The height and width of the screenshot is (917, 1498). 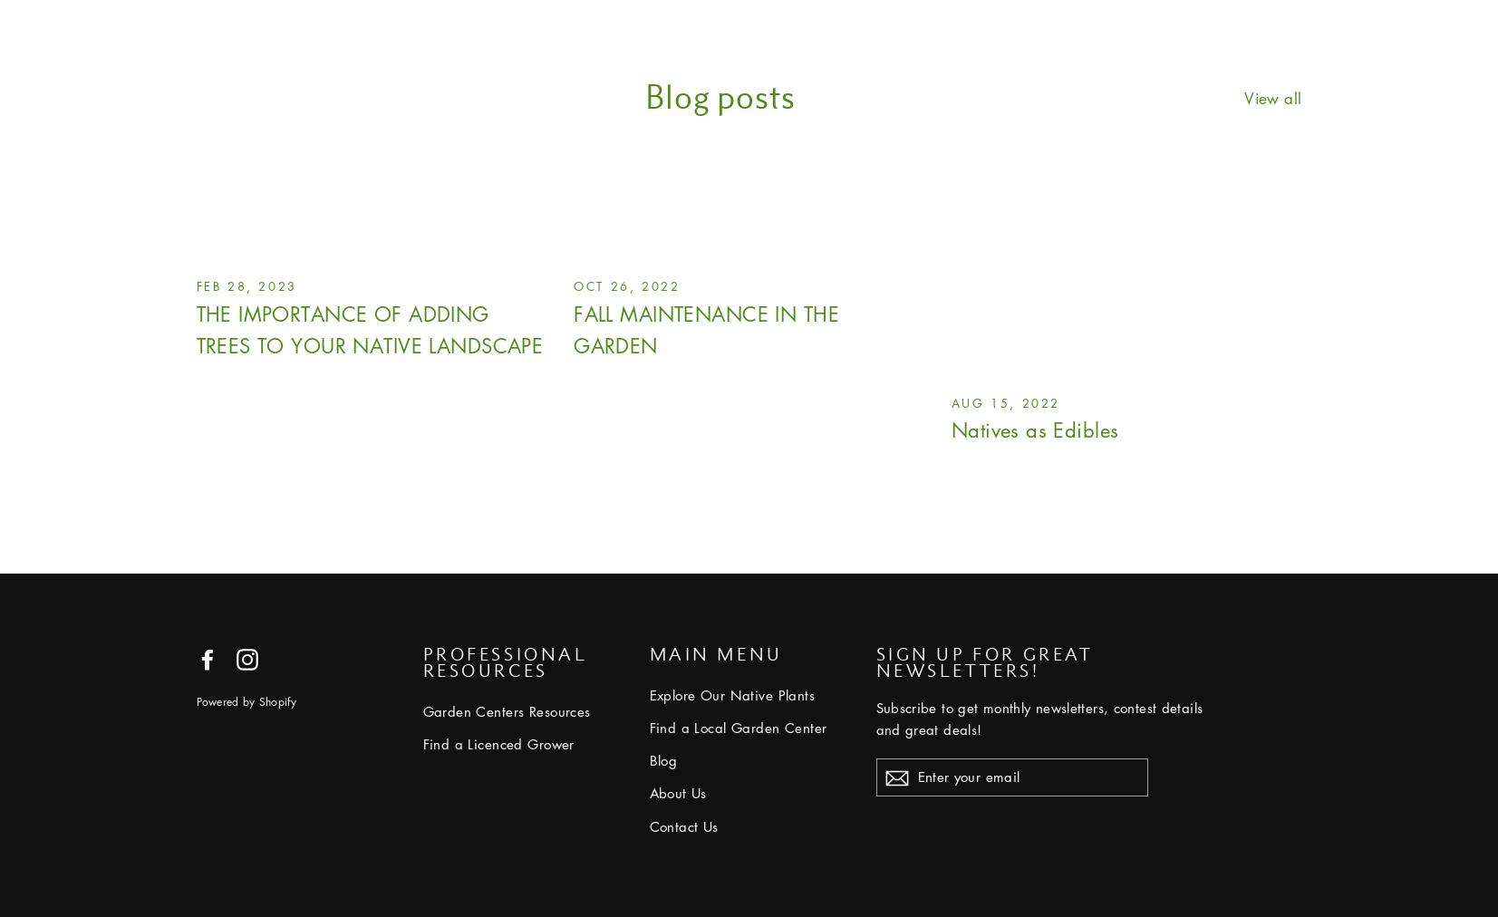 What do you see at coordinates (1005, 401) in the screenshot?
I see `'Aug 15, 2022'` at bounding box center [1005, 401].